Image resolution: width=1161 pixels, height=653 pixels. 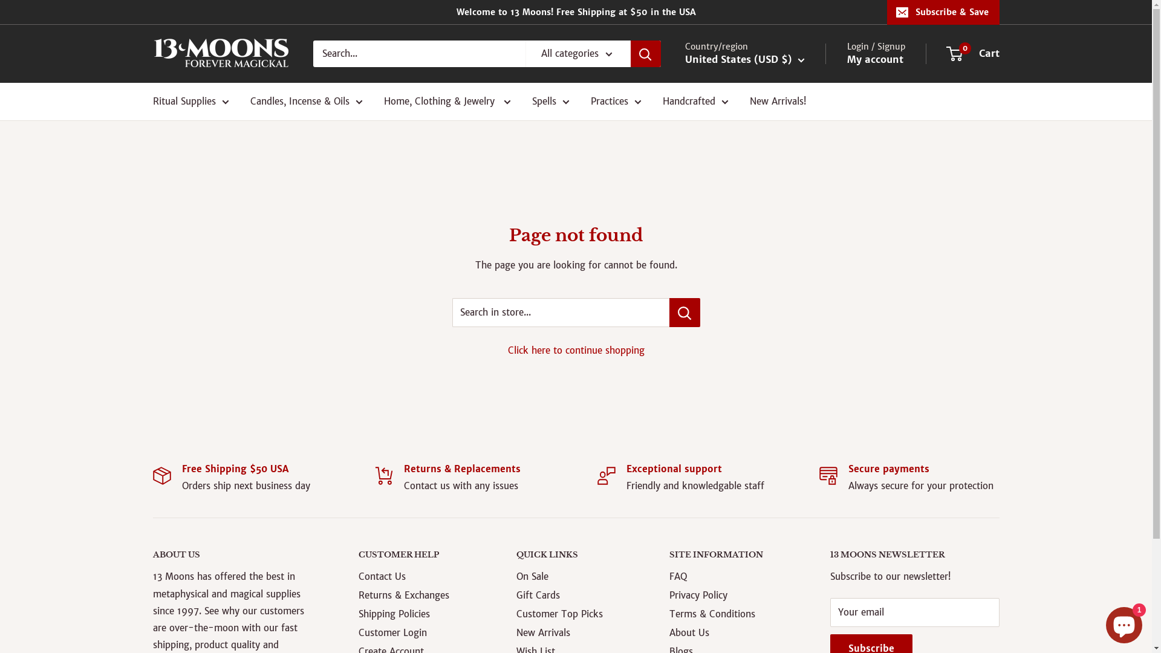 I want to click on 'Practices', so click(x=615, y=101).